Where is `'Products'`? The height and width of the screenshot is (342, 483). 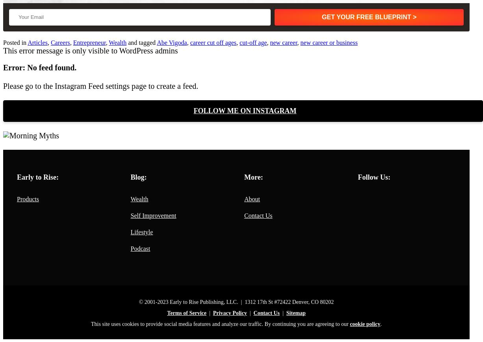 'Products' is located at coordinates (28, 199).